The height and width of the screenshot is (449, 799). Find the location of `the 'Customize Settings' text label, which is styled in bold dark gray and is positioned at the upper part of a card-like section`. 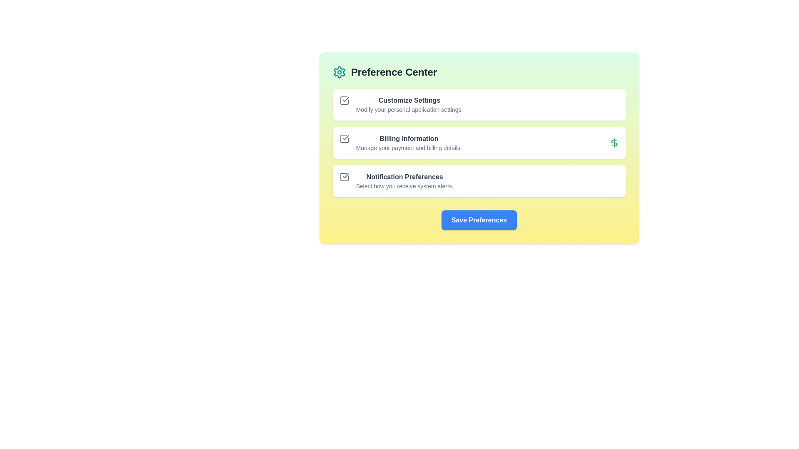

the 'Customize Settings' text label, which is styled in bold dark gray and is positioned at the upper part of a card-like section is located at coordinates (409, 100).